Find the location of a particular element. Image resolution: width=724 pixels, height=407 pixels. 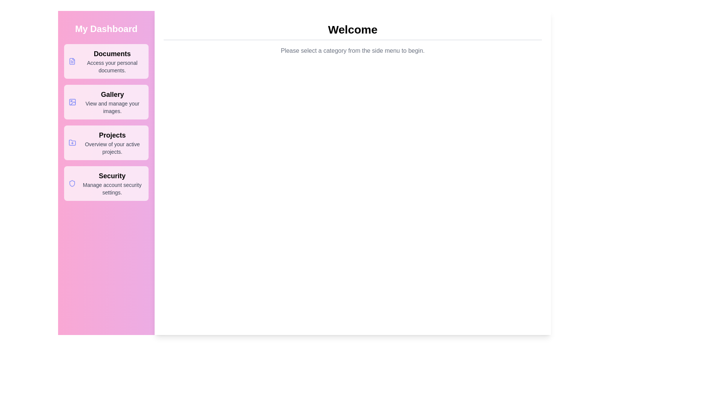

the menu option Gallery from the available options is located at coordinates (106, 102).